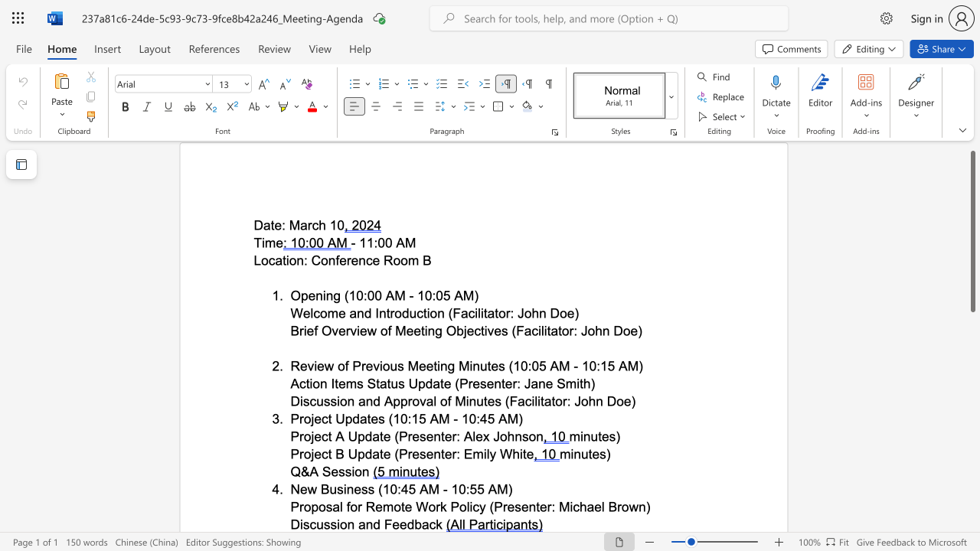 This screenshot has height=551, width=980. What do you see at coordinates (410, 523) in the screenshot?
I see `the 2th character "d" in the text` at bounding box center [410, 523].